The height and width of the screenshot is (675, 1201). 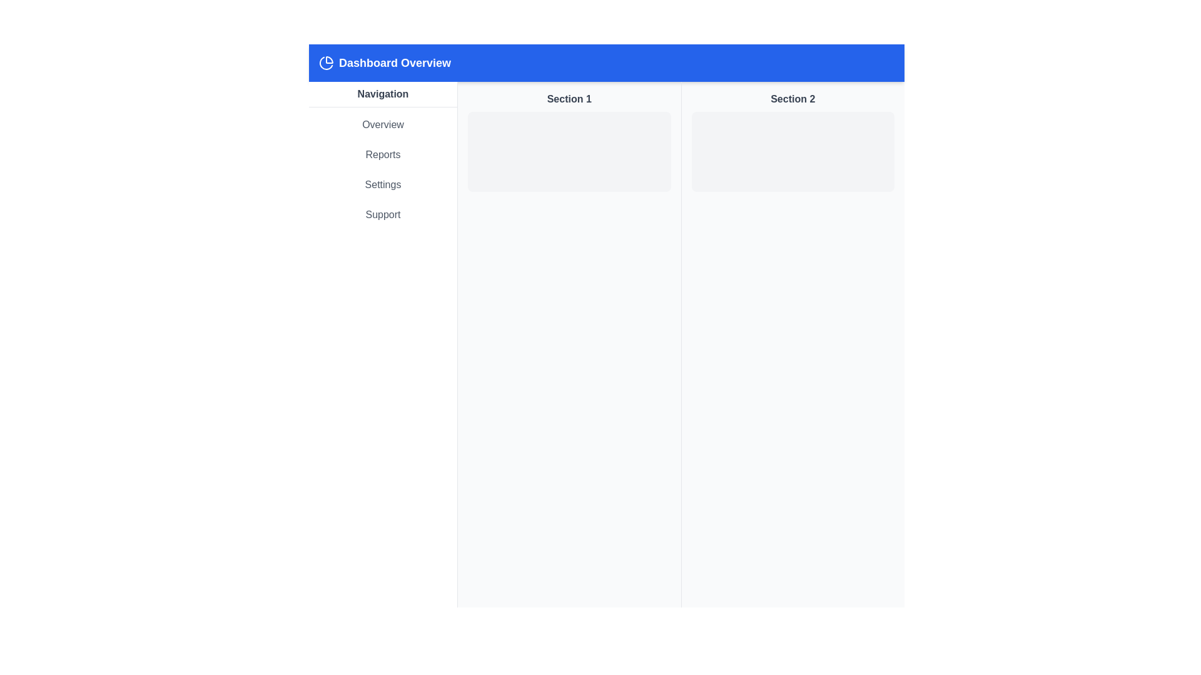 What do you see at coordinates (382, 94) in the screenshot?
I see `the title text label that categorizes the navigation options in the sidebar, positioned at the top of the left section of the interface` at bounding box center [382, 94].